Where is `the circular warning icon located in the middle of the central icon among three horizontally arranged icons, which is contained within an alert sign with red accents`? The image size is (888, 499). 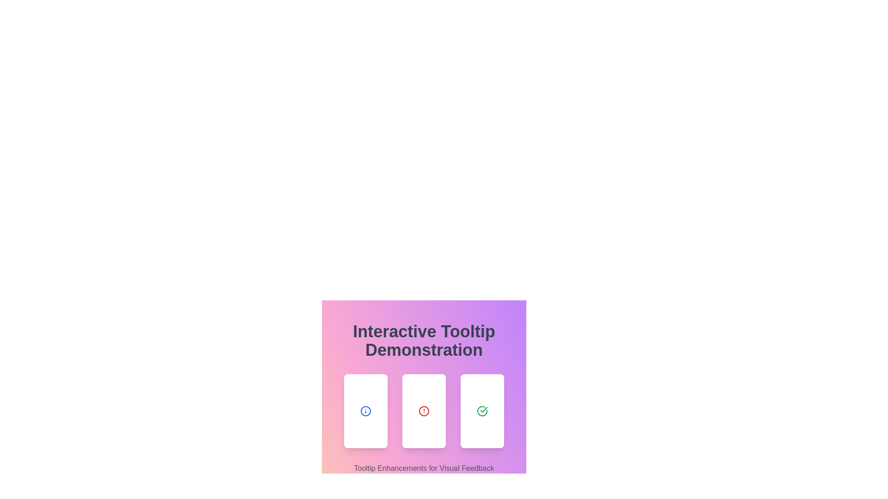
the circular warning icon located in the middle of the central icon among three horizontally arranged icons, which is contained within an alert sign with red accents is located at coordinates (423, 411).